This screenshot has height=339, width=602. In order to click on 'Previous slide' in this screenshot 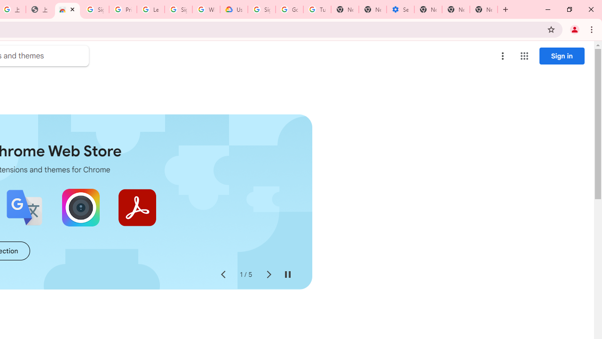, I will do `click(222, 274)`.